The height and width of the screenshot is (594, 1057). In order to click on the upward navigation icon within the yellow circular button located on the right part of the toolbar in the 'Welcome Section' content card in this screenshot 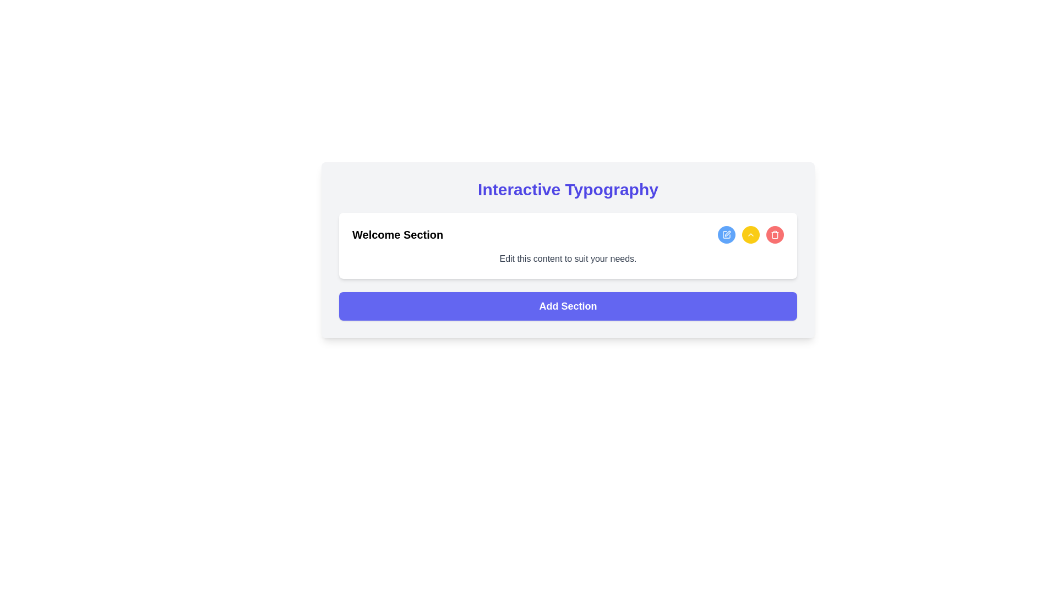, I will do `click(750, 234)`.